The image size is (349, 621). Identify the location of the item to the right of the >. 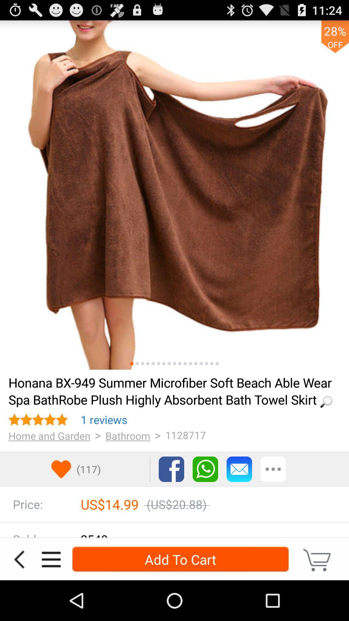
(128, 436).